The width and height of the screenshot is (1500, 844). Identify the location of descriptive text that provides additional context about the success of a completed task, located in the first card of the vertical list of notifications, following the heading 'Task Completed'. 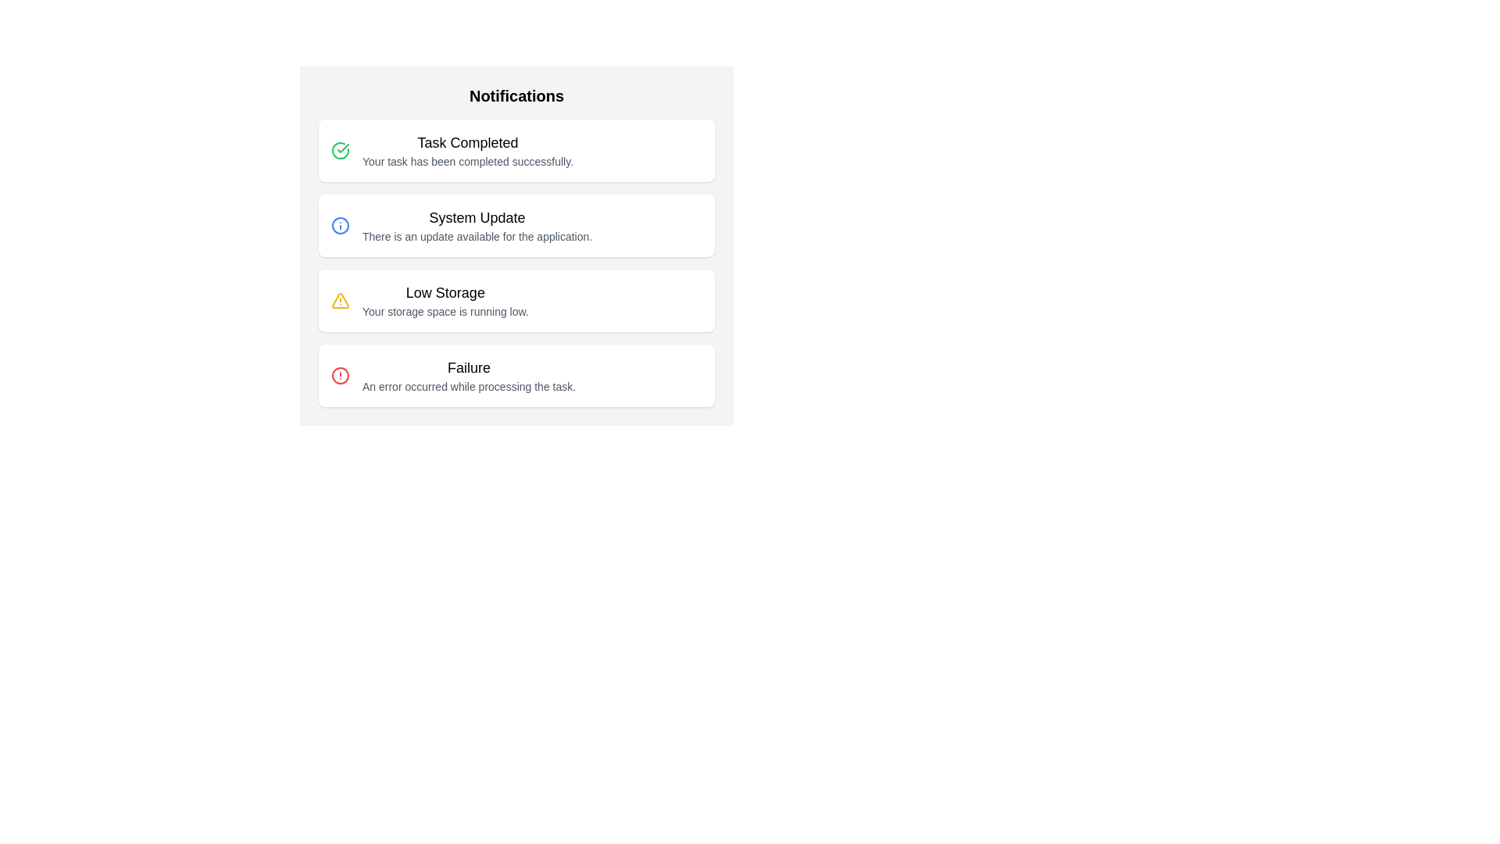
(467, 162).